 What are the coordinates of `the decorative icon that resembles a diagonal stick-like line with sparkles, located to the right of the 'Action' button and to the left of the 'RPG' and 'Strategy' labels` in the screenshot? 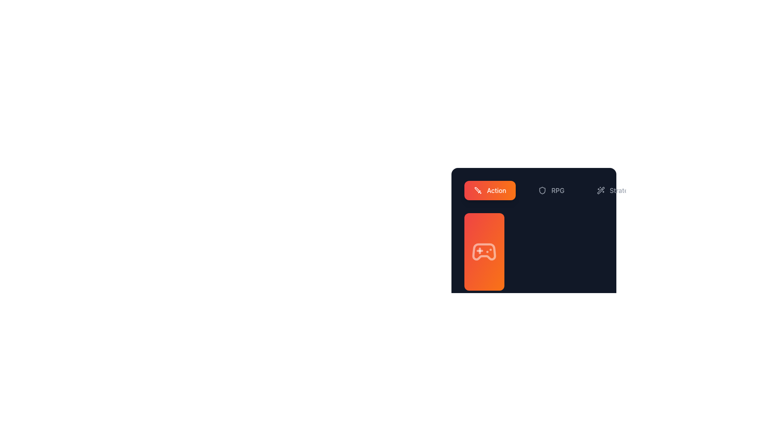 It's located at (601, 190).